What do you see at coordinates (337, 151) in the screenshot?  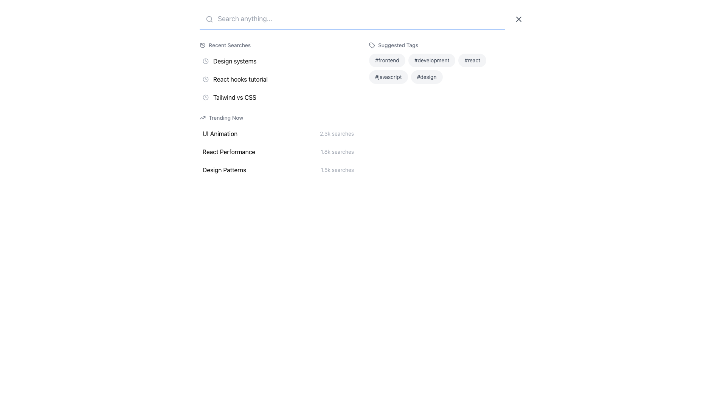 I see `the informational static text label that counts searches related to 'React Performance', positioned to the right of the 'React Performance' text in the 'Trending Now' section` at bounding box center [337, 151].